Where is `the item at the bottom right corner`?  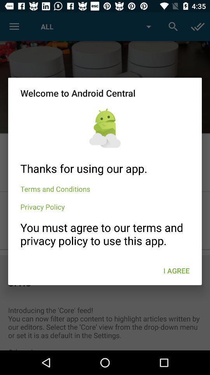
the item at the bottom right corner is located at coordinates (176, 271).